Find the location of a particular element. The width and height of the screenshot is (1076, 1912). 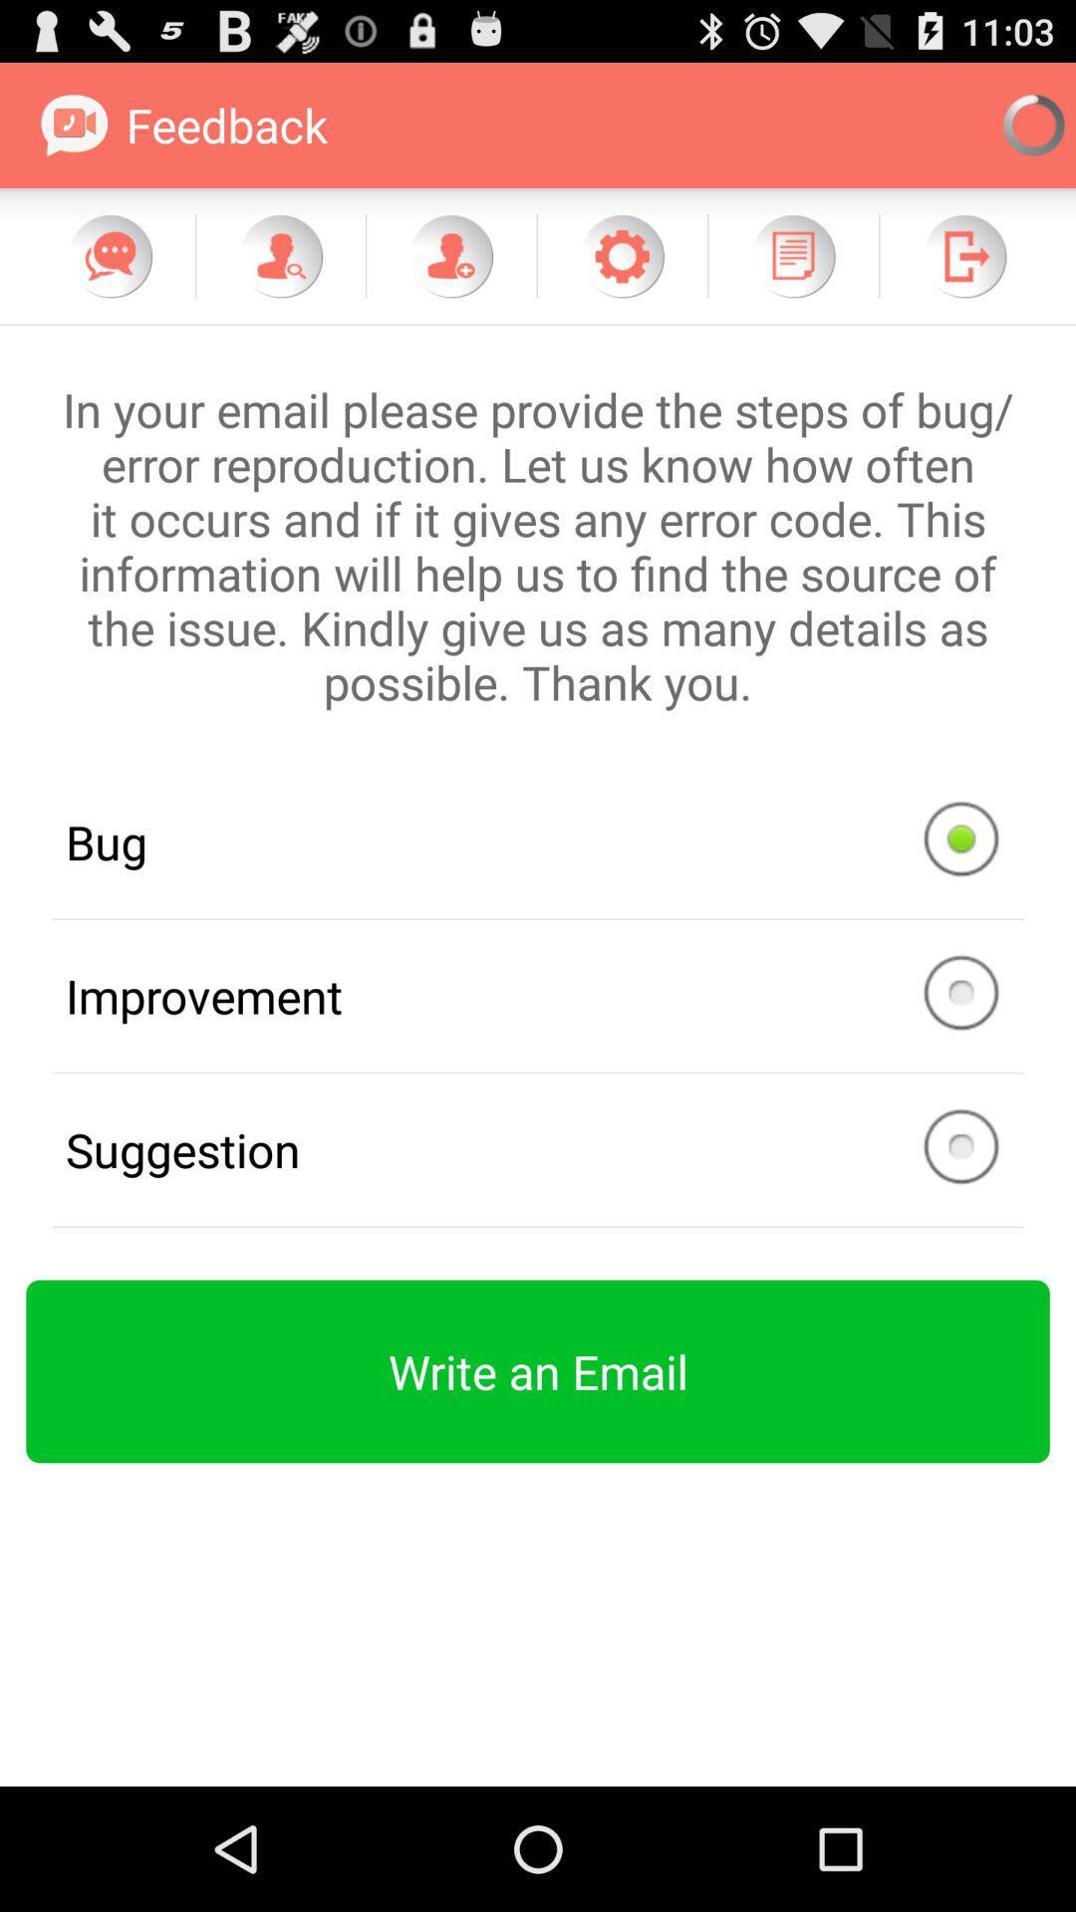

the icon at the bottom is located at coordinates (538, 1370).